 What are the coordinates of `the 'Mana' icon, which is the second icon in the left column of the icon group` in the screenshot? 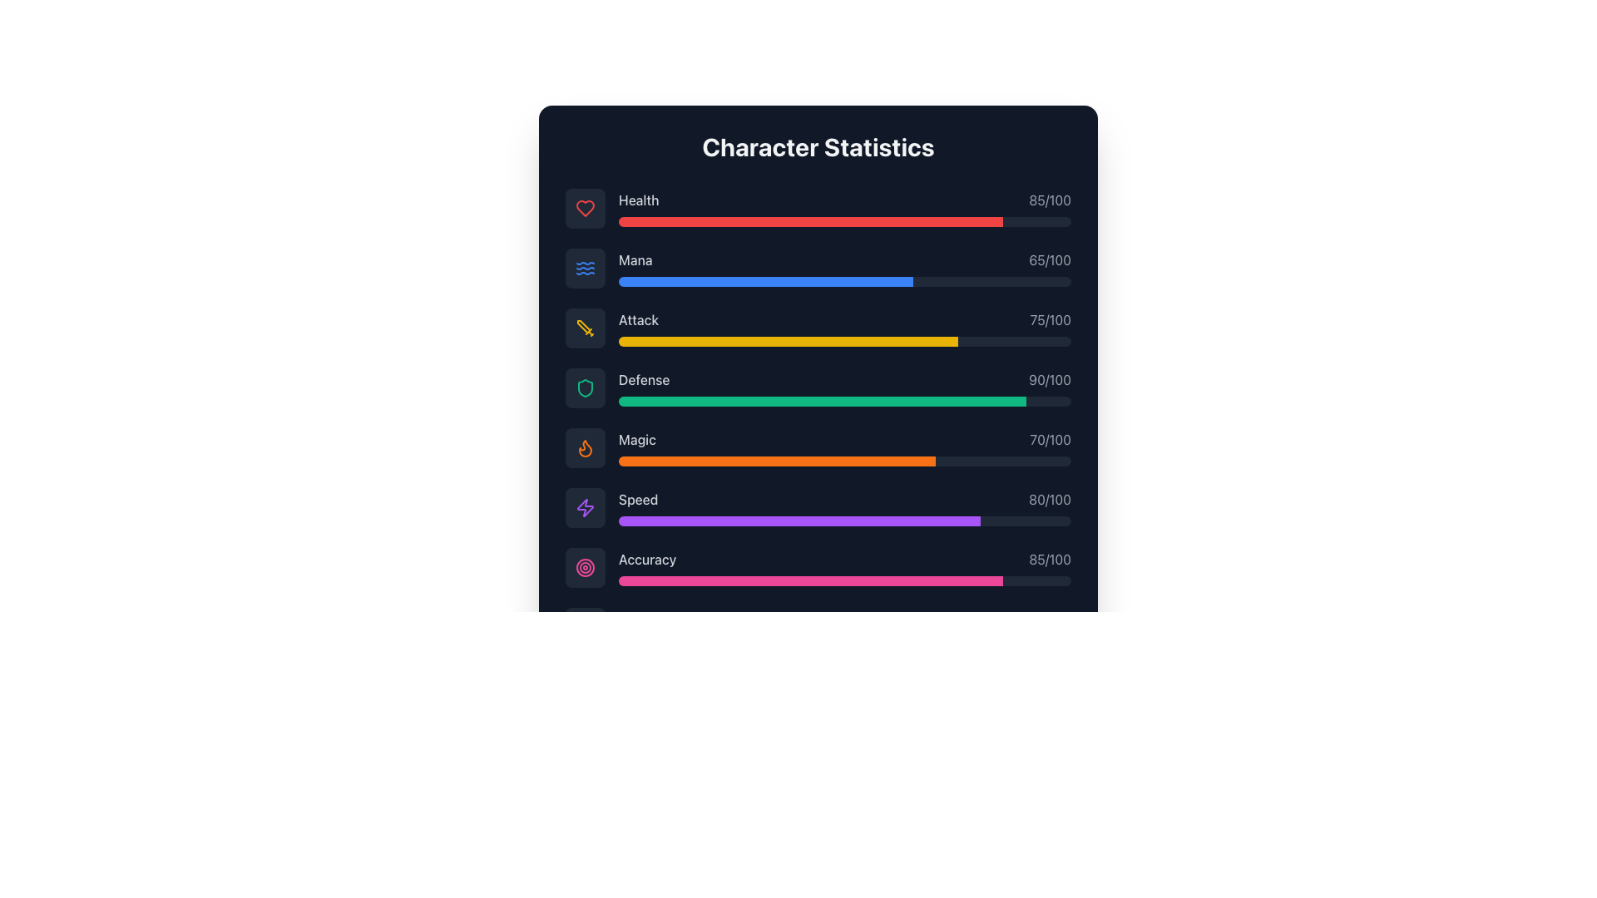 It's located at (586, 268).